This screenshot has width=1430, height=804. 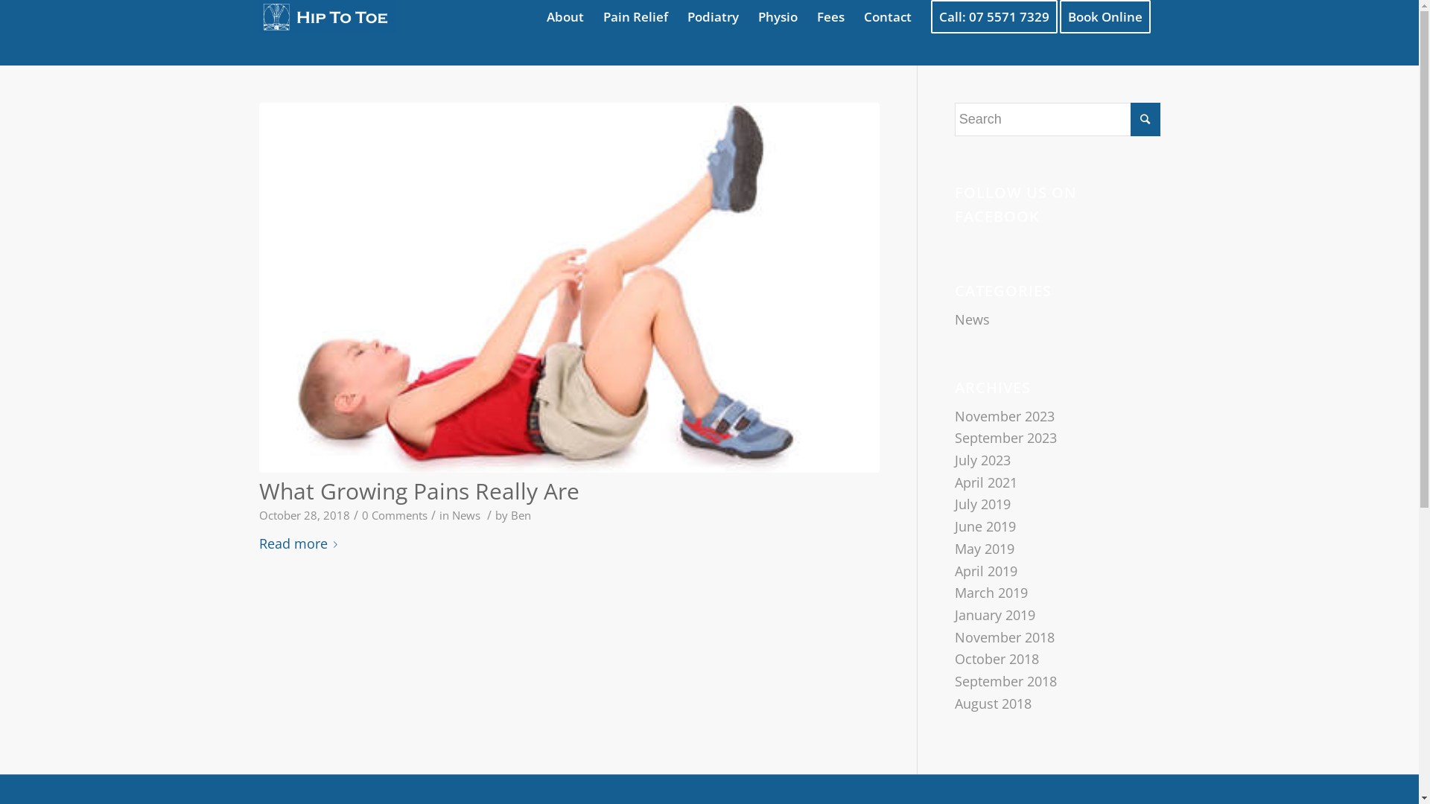 I want to click on 'September 2018', so click(x=1005, y=680).